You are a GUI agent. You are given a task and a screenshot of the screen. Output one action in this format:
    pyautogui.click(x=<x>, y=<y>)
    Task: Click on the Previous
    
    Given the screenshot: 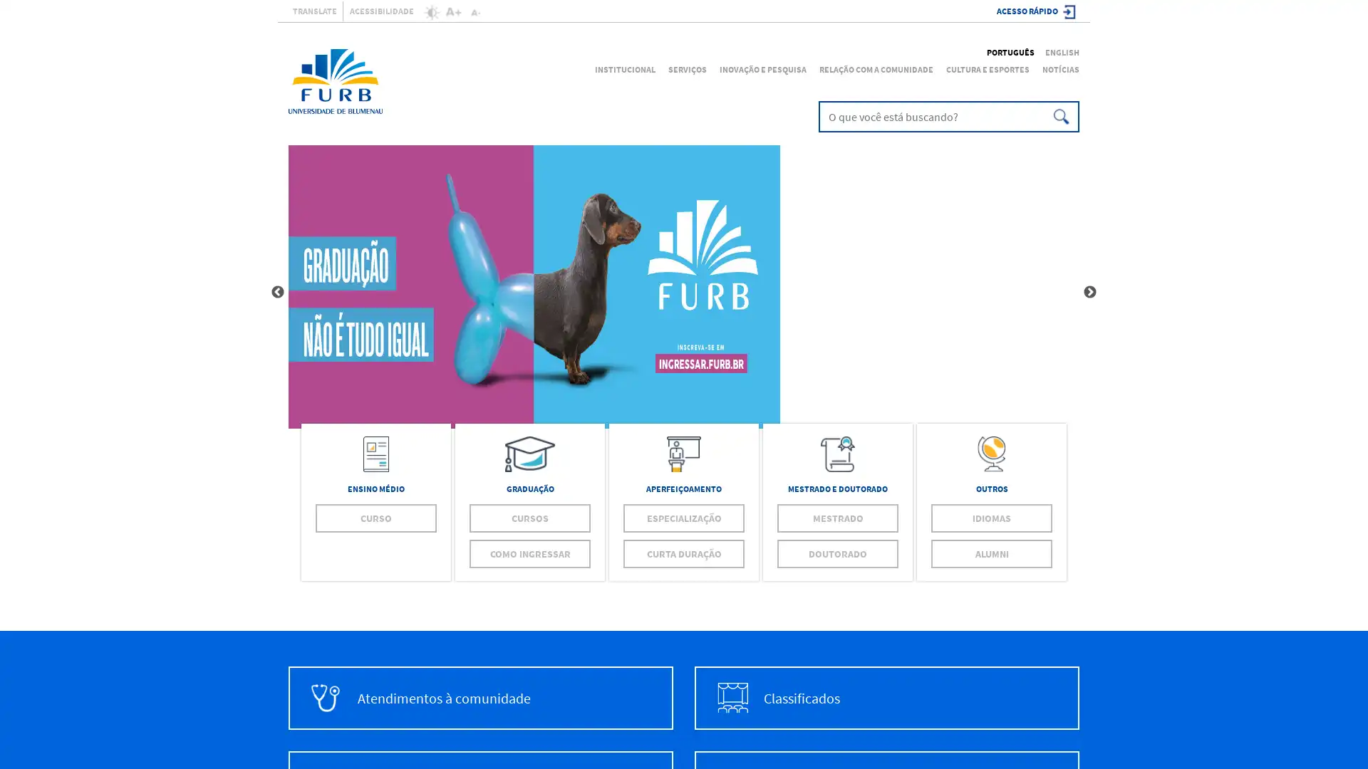 What is the action you would take?
    pyautogui.click(x=277, y=292)
    